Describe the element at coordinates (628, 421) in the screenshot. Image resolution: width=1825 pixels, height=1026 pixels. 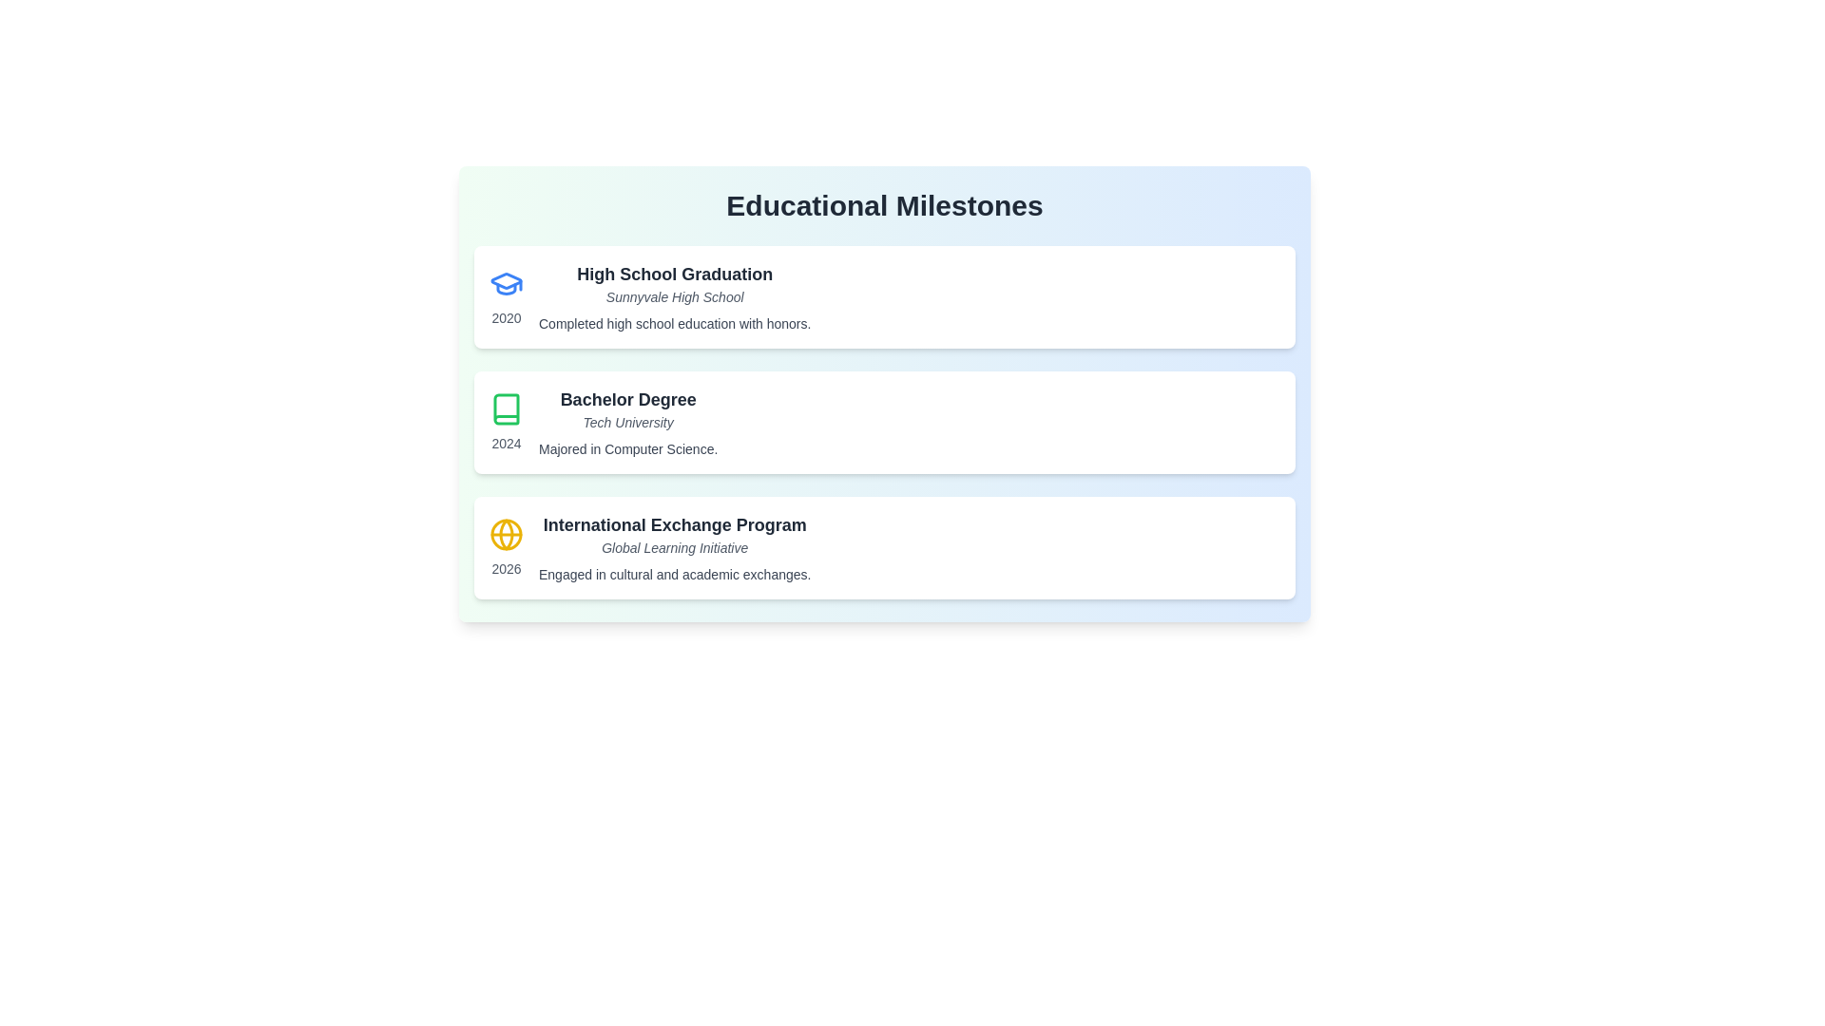
I see `text content block that includes 'Bachelor Degree', 'Tech University', and 'Majored in Computer Science.'` at that location.